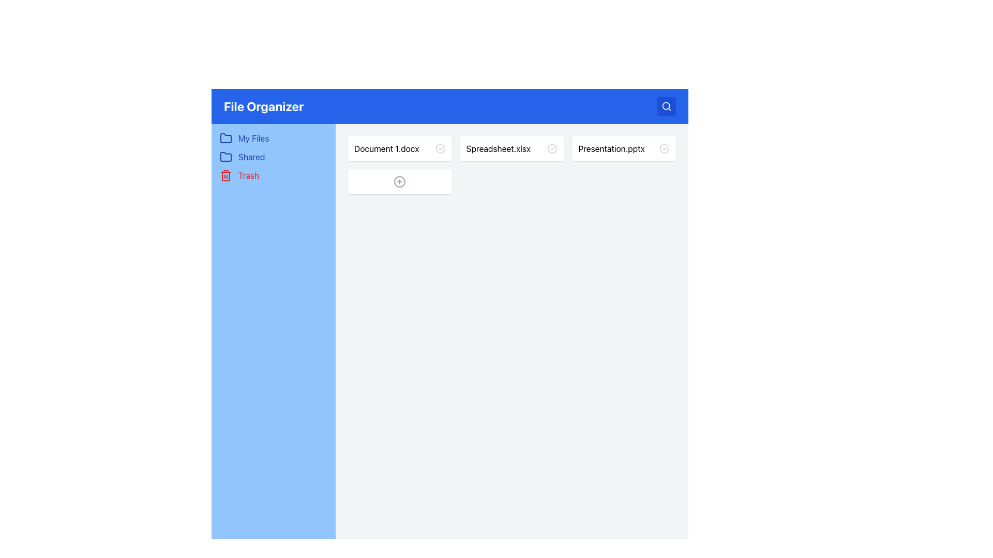 Image resolution: width=993 pixels, height=558 pixels. I want to click on the folder icon located in the left sidebar, which symbolizes the 'My Files' section, positioned before the 'My Files' label, so click(225, 137).